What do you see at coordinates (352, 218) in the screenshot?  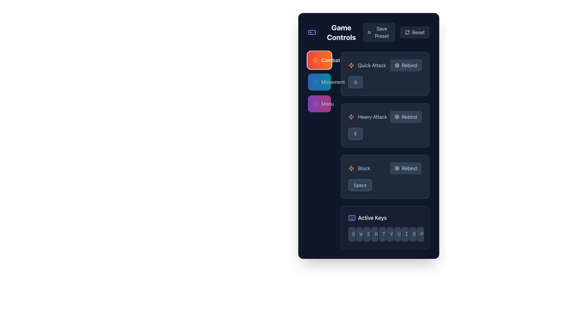 I see `the keyboard icon located in the bottom section of the interface titled 'Active Keys', positioned to the left of the text 'Active Keys'` at bounding box center [352, 218].